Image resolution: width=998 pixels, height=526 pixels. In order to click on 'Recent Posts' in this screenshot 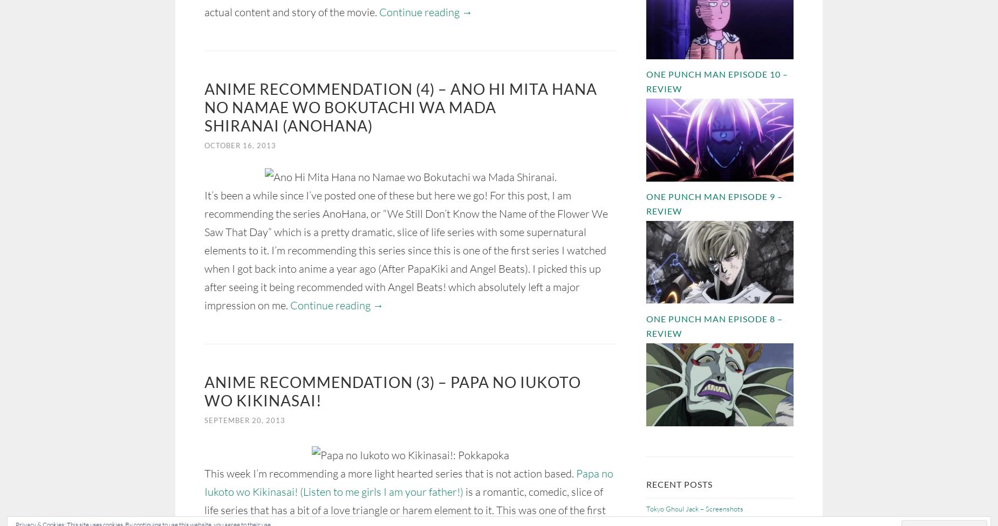, I will do `click(679, 483)`.